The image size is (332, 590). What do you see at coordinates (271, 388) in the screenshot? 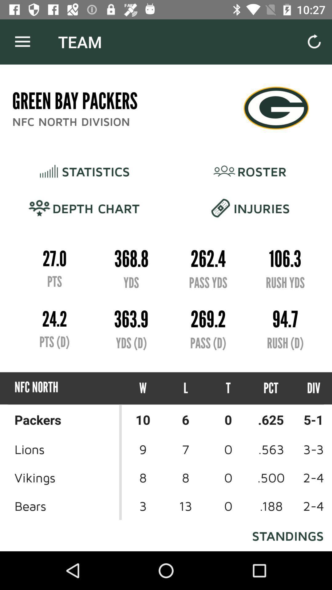
I see `icon above the 0` at bounding box center [271, 388].